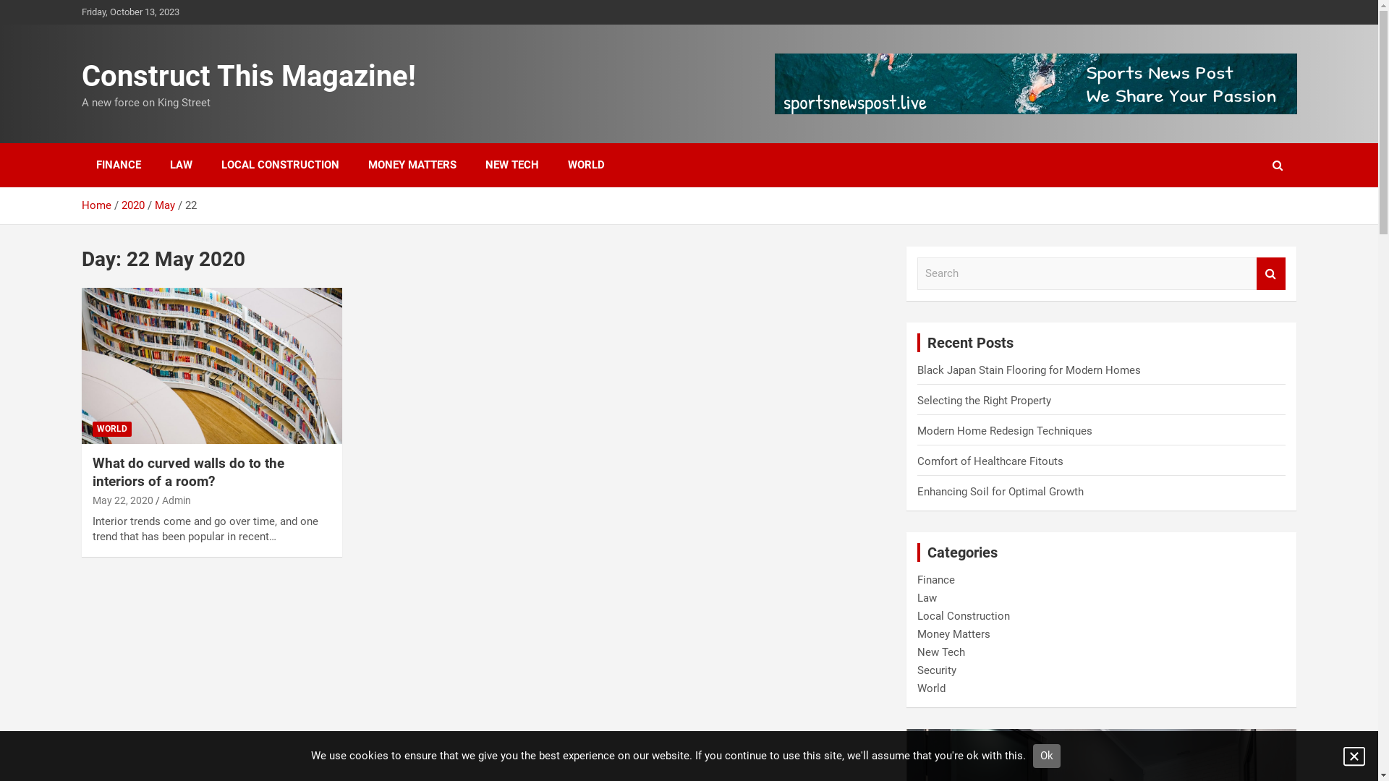  Describe the element at coordinates (916, 430) in the screenshot. I see `'Modern Home Redesign Techniques'` at that location.